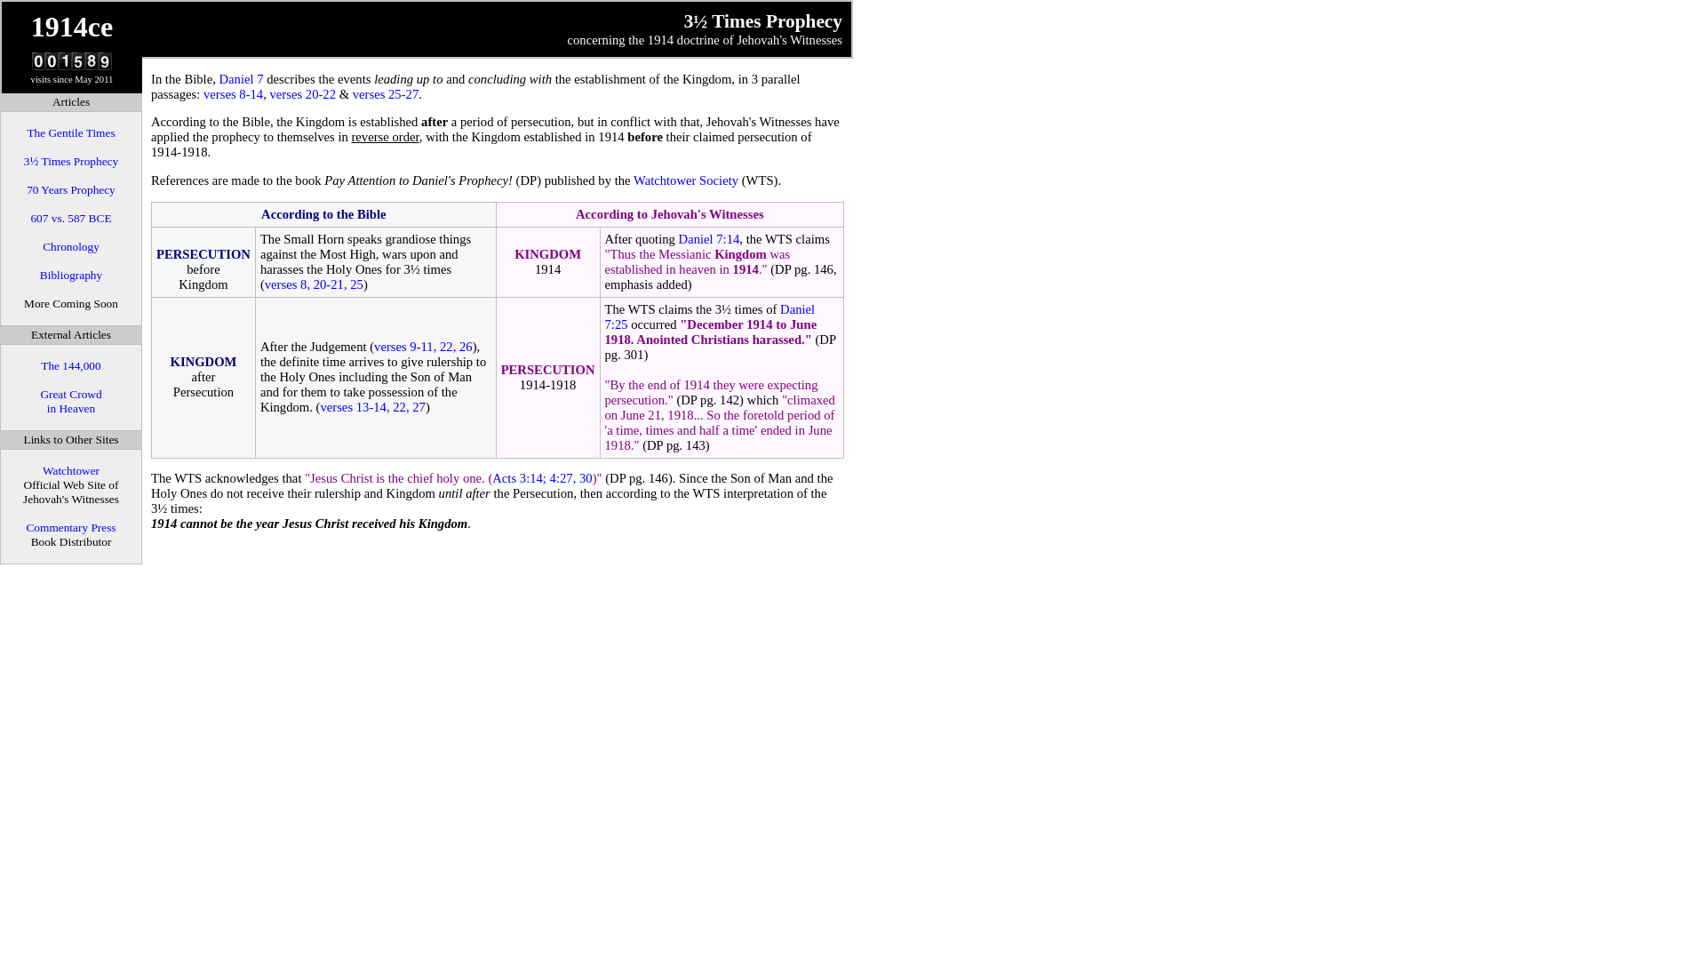 This screenshot has height=960, width=1706. I want to click on 'Daniel 7:25', so click(709, 316).